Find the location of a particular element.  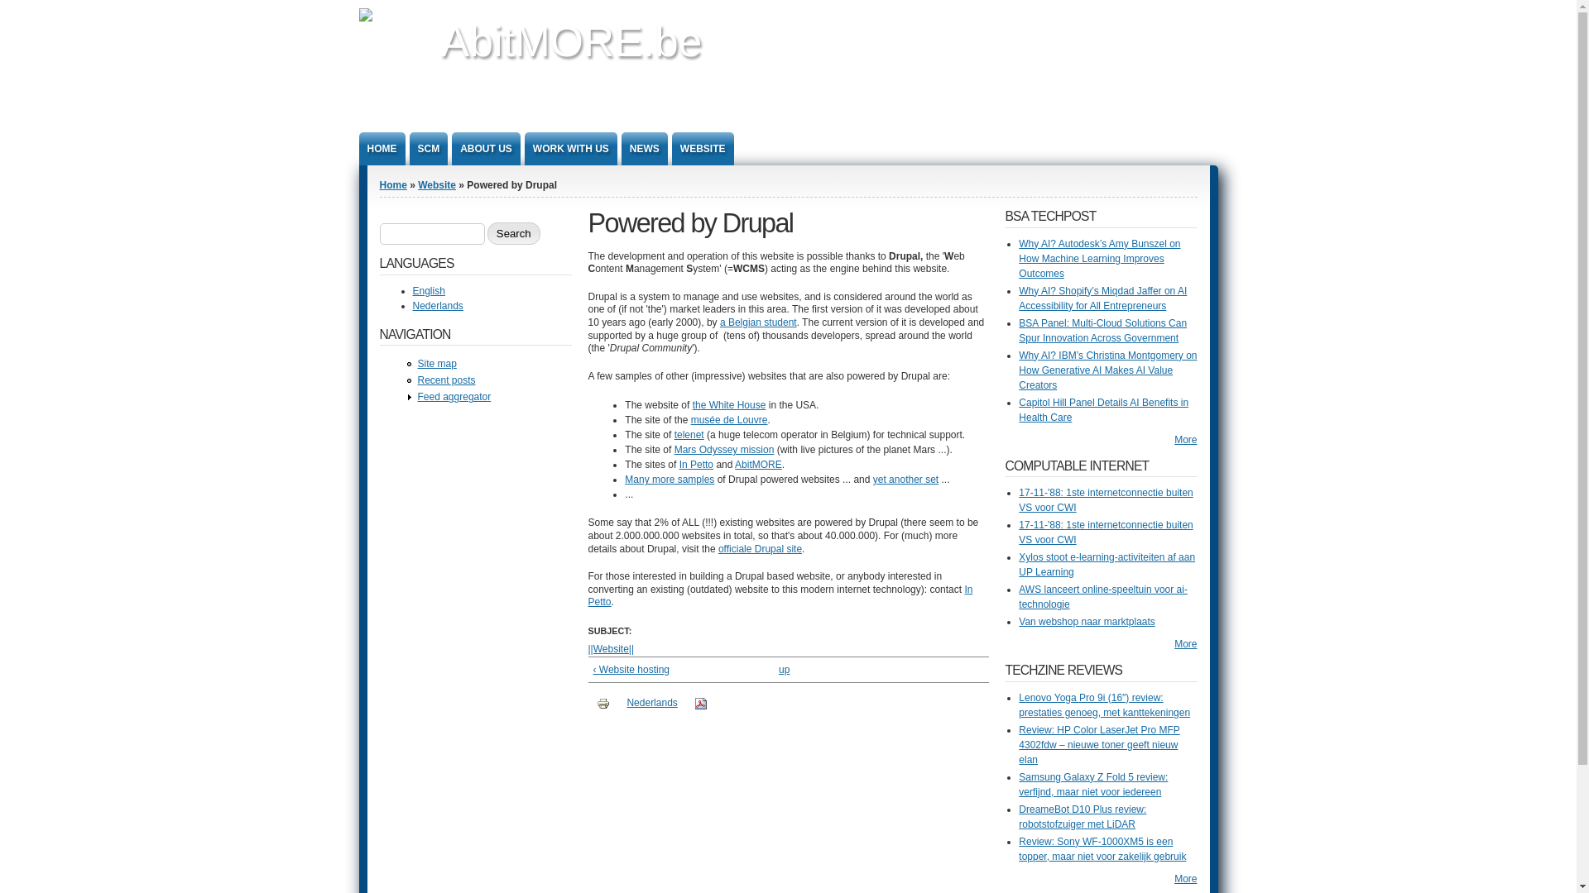

'DreameBot D10 Plus review: robotstofzuiger met LiDAR' is located at coordinates (1017, 815).